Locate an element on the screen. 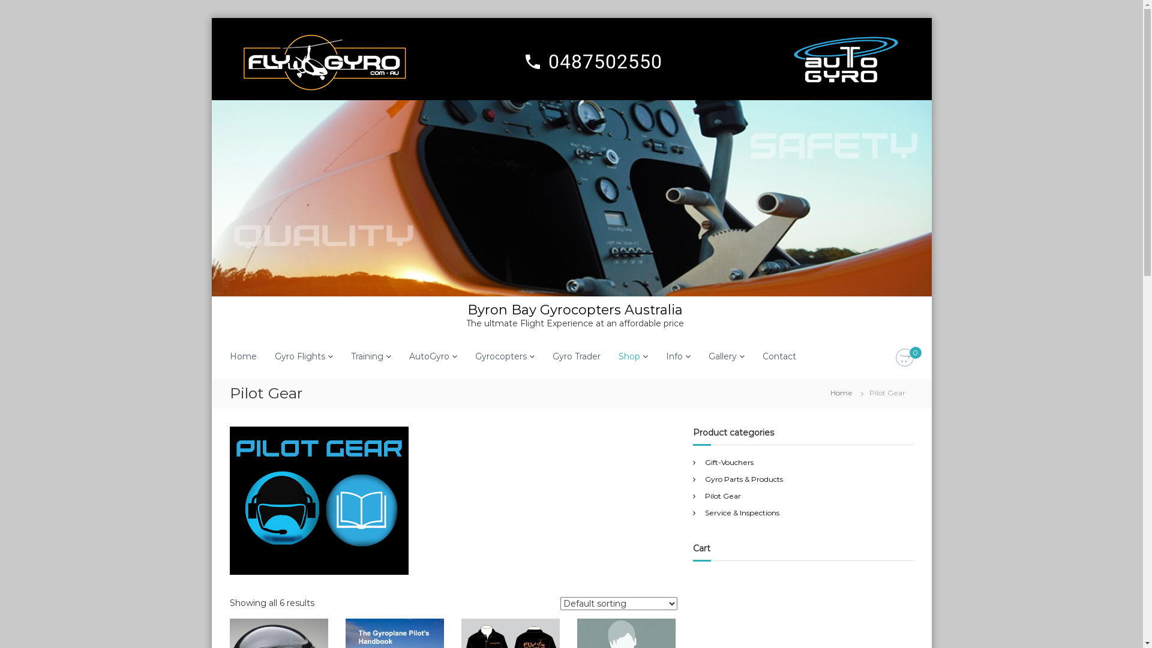 Image resolution: width=1152 pixels, height=648 pixels. 'Gyro Trader' is located at coordinates (576, 356).